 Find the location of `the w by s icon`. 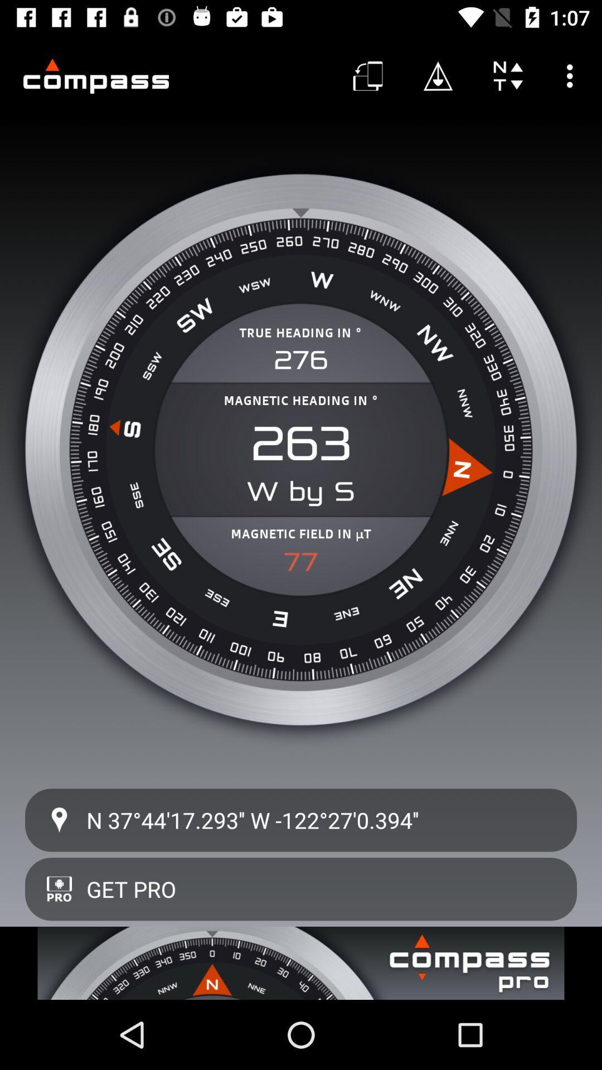

the w by s icon is located at coordinates (301, 491).